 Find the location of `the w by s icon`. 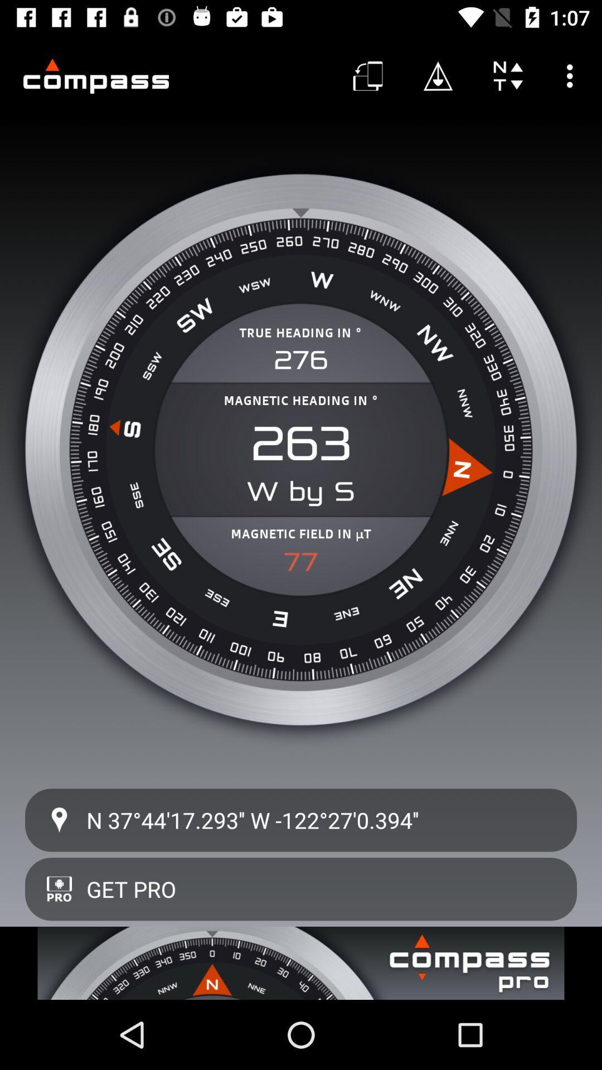

the w by s icon is located at coordinates (301, 491).